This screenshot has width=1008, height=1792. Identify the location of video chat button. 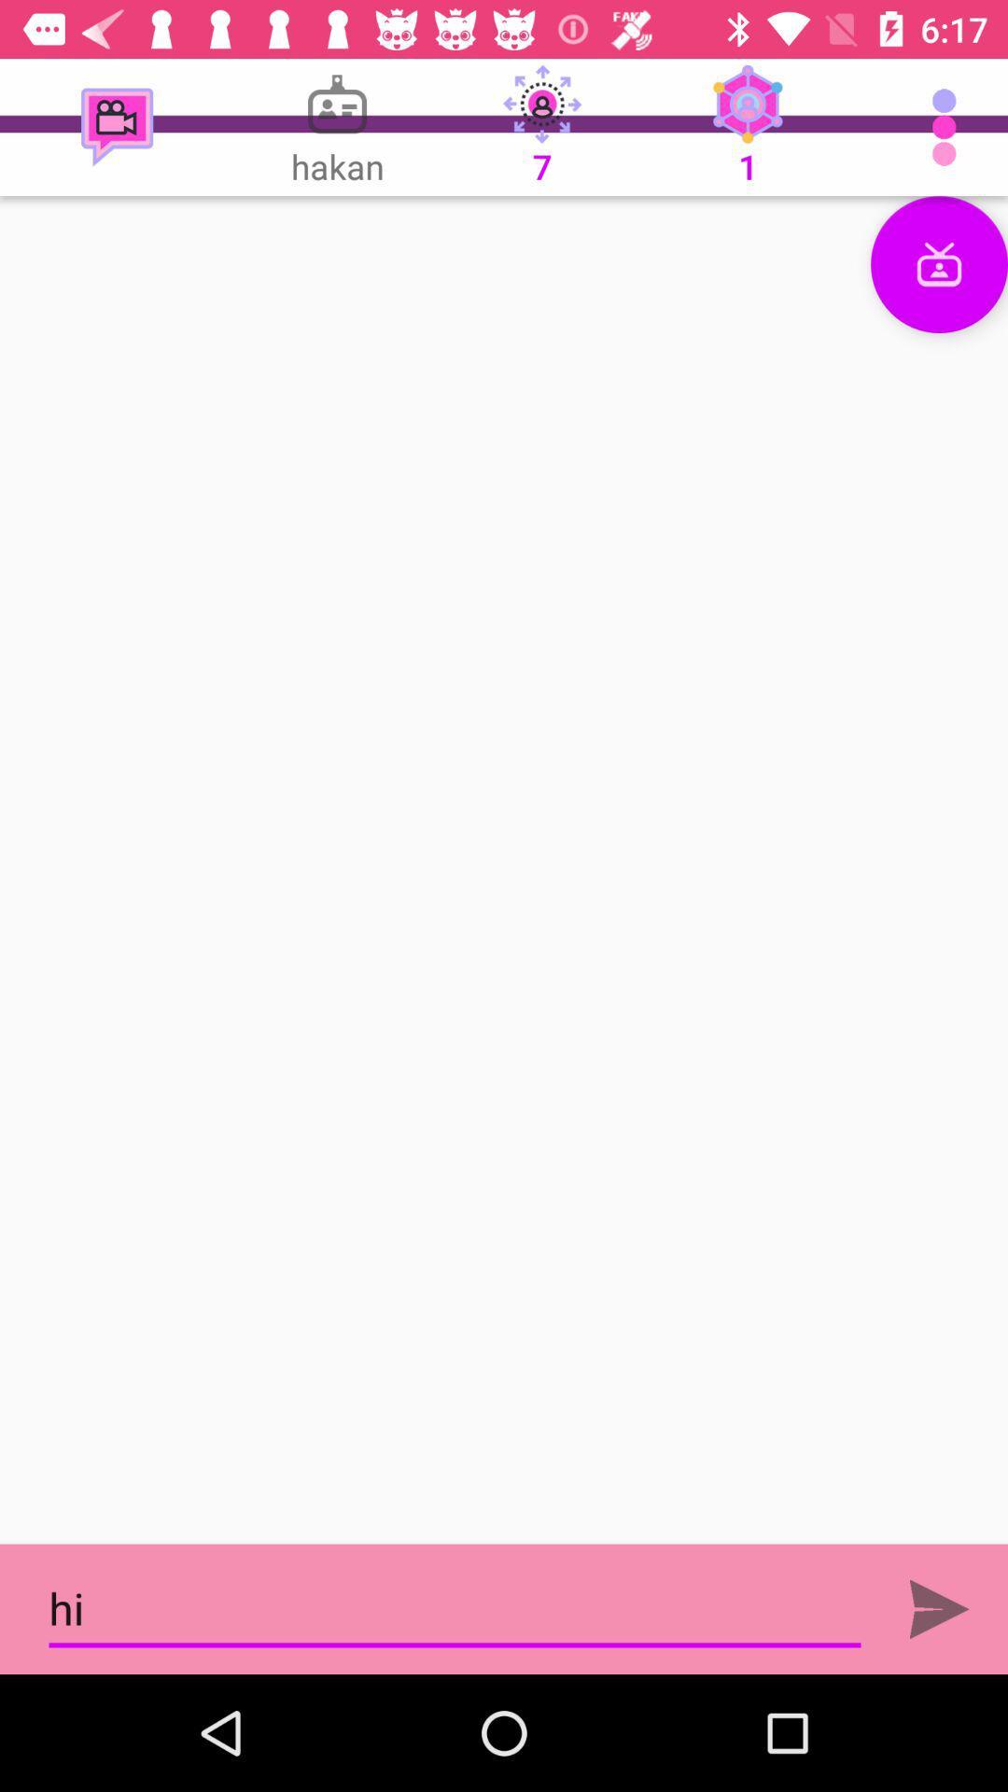
(939, 263).